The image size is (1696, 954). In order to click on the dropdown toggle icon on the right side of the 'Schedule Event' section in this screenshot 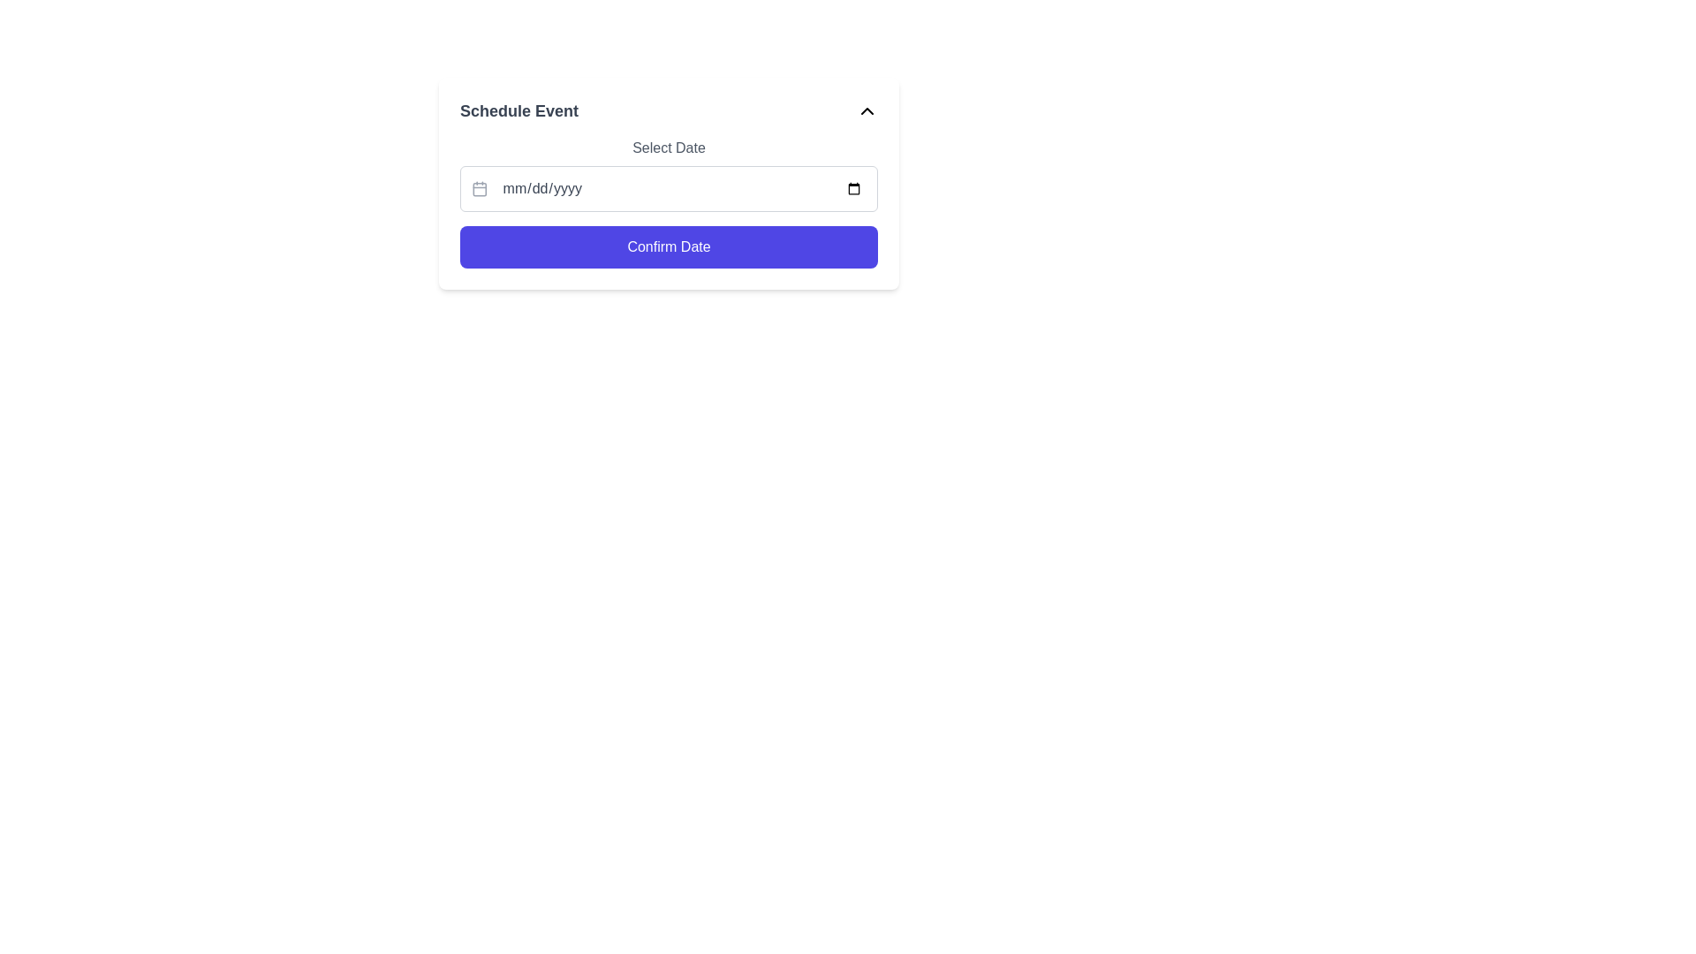, I will do `click(867, 111)`.